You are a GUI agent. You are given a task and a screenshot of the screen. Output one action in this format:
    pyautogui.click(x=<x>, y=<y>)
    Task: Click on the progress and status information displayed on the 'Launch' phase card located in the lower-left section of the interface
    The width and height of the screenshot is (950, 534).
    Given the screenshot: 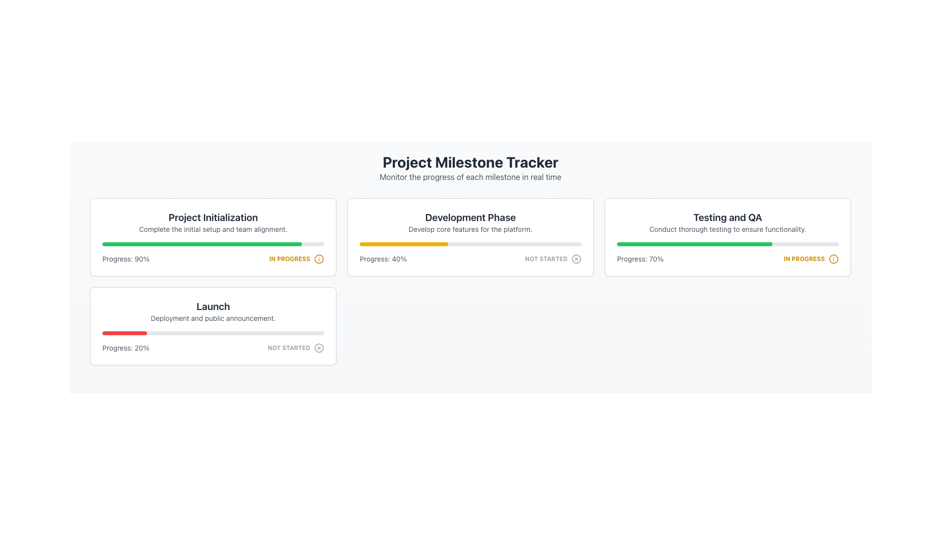 What is the action you would take?
    pyautogui.click(x=213, y=326)
    